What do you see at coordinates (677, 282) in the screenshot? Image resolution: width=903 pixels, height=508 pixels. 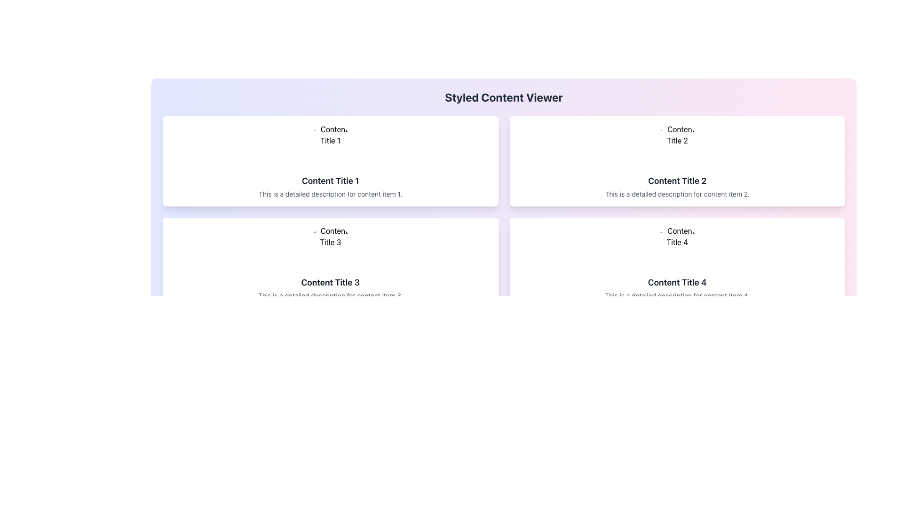 I see `the text 'Content Title 4' which is styled in bold, larger font and located in the lower-right card of a four-card grid layout` at bounding box center [677, 282].